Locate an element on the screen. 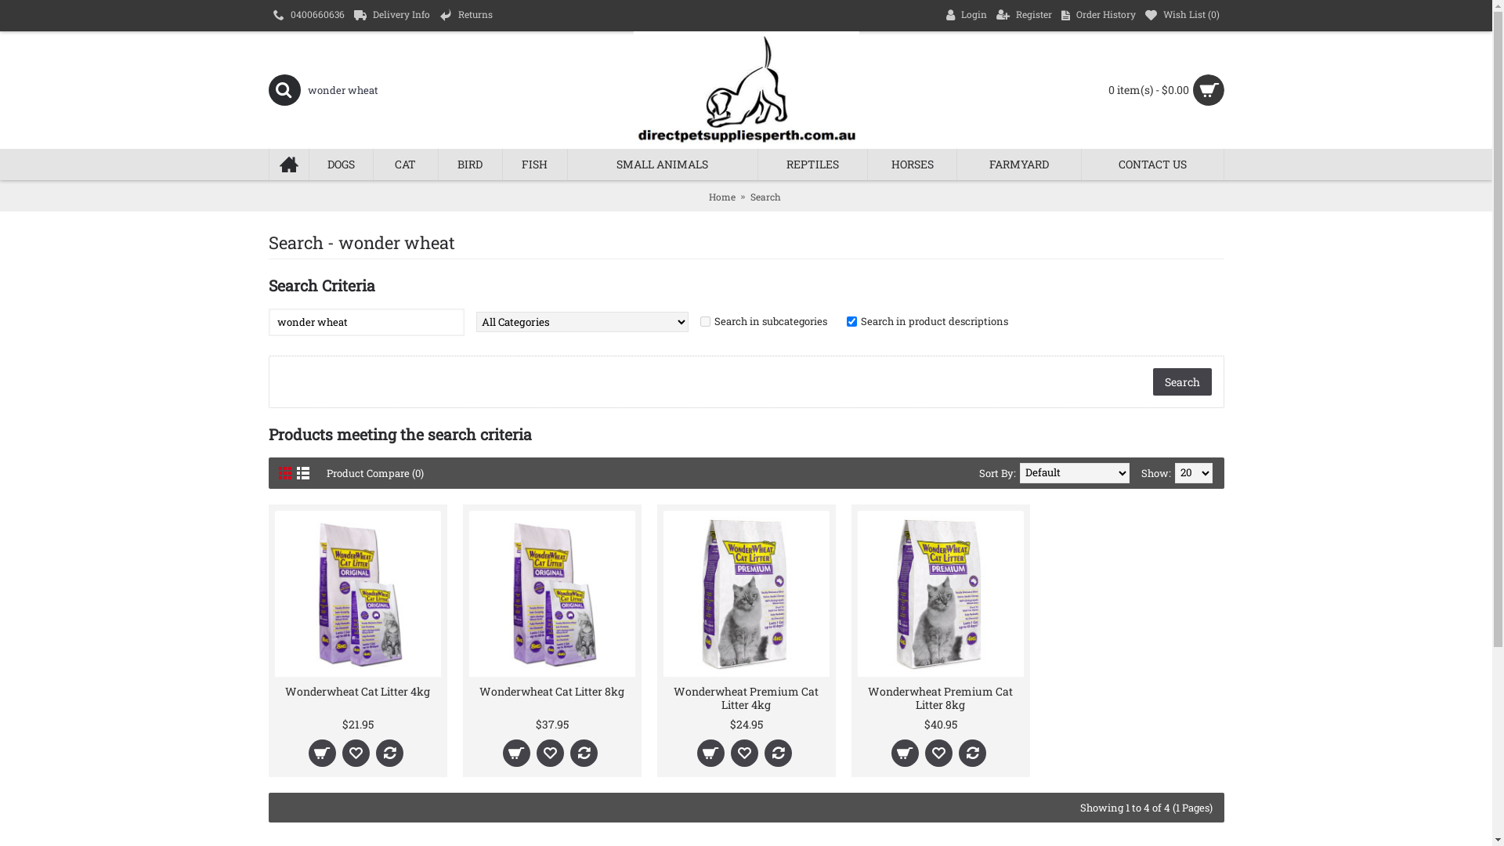 The height and width of the screenshot is (846, 1504). 'FISH' is located at coordinates (534, 164).